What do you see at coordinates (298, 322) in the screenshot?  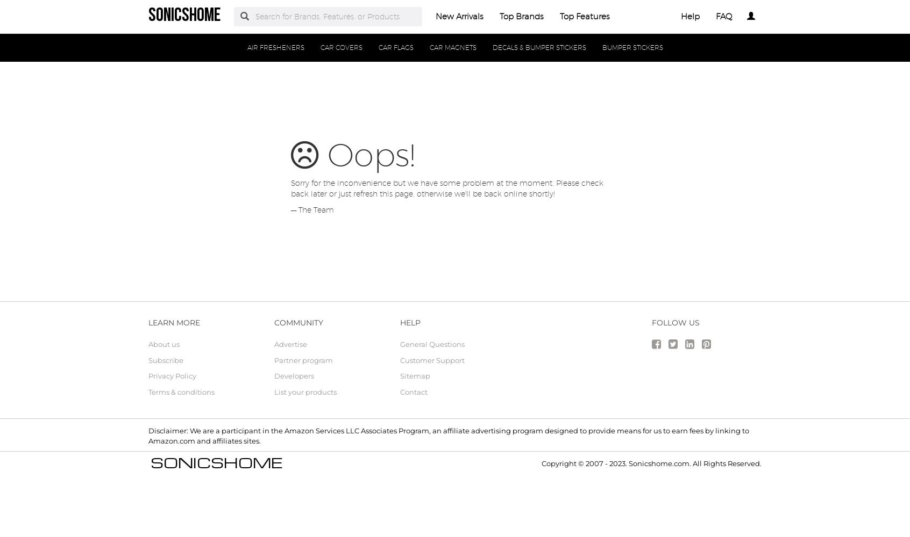 I see `'Community'` at bounding box center [298, 322].